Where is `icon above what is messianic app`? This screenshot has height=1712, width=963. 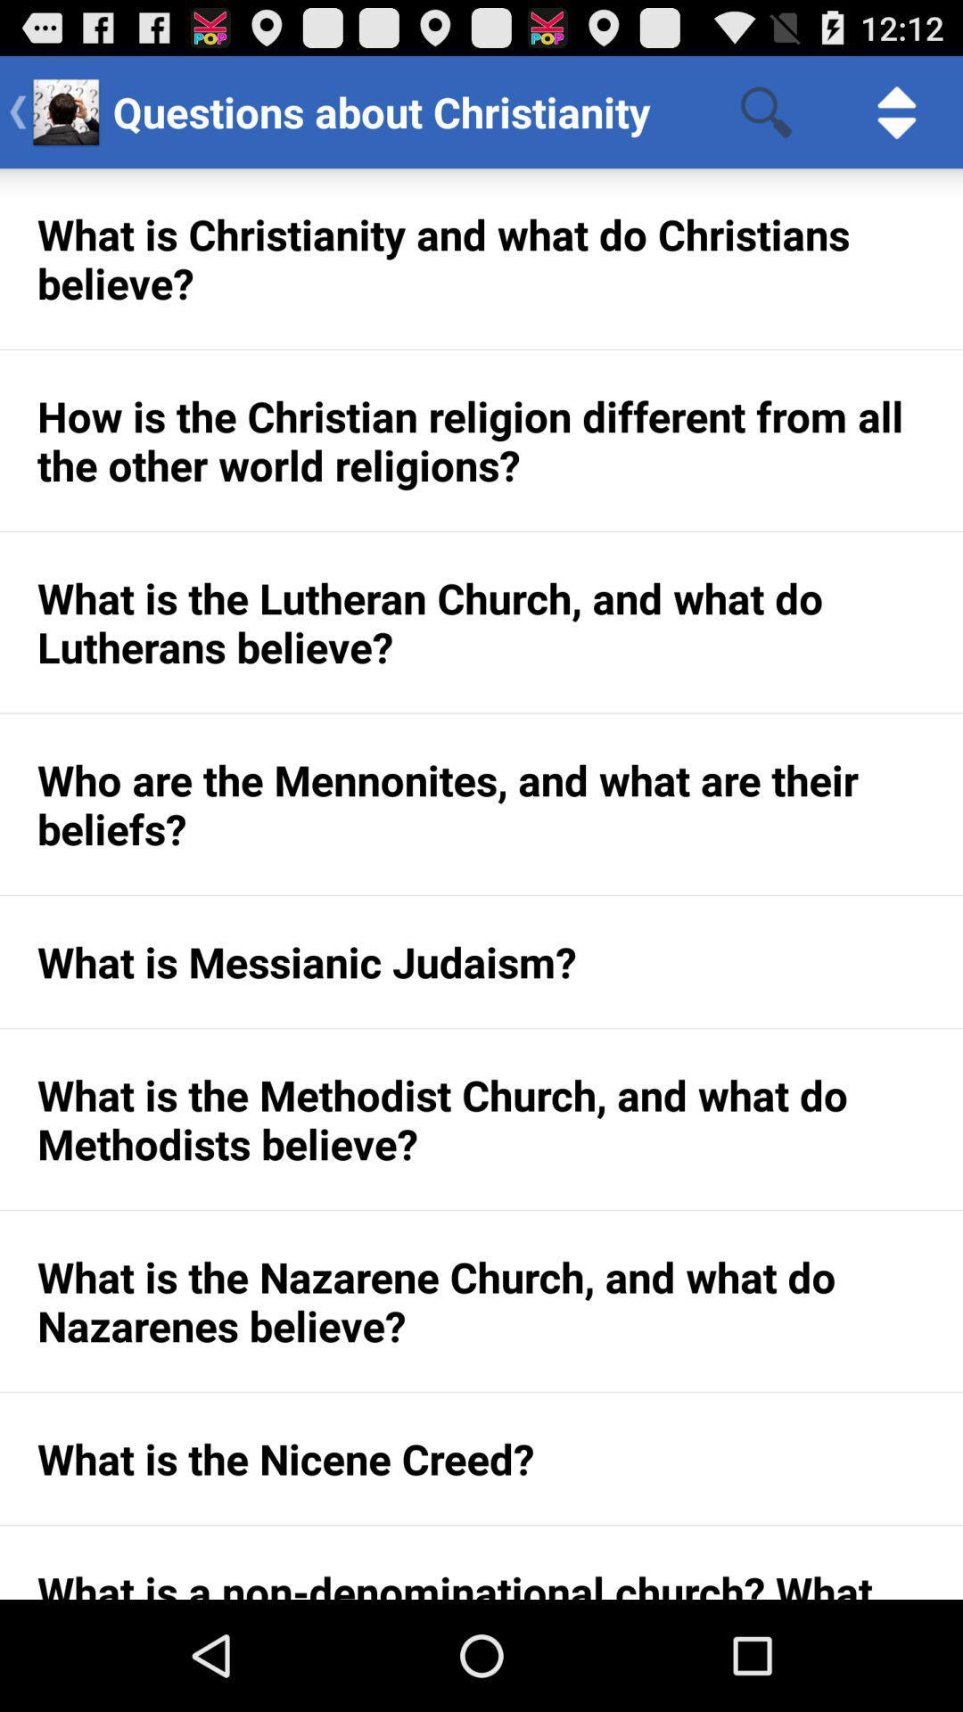
icon above what is messianic app is located at coordinates (481, 803).